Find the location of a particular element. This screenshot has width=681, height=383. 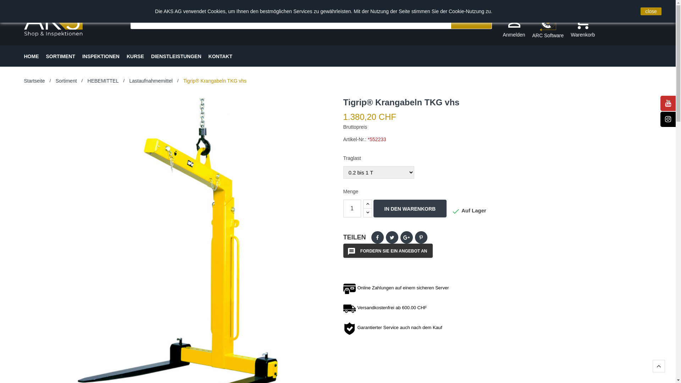

'message FORDERN SIE EIN ANGEBOT AN' is located at coordinates (388, 250).